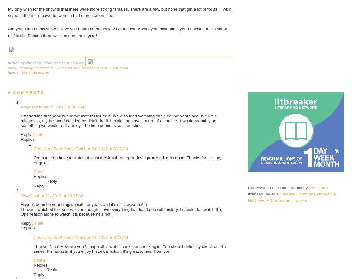  Describe the element at coordinates (77, 63) in the screenshot. I see `'6:00 AM'` at that location.